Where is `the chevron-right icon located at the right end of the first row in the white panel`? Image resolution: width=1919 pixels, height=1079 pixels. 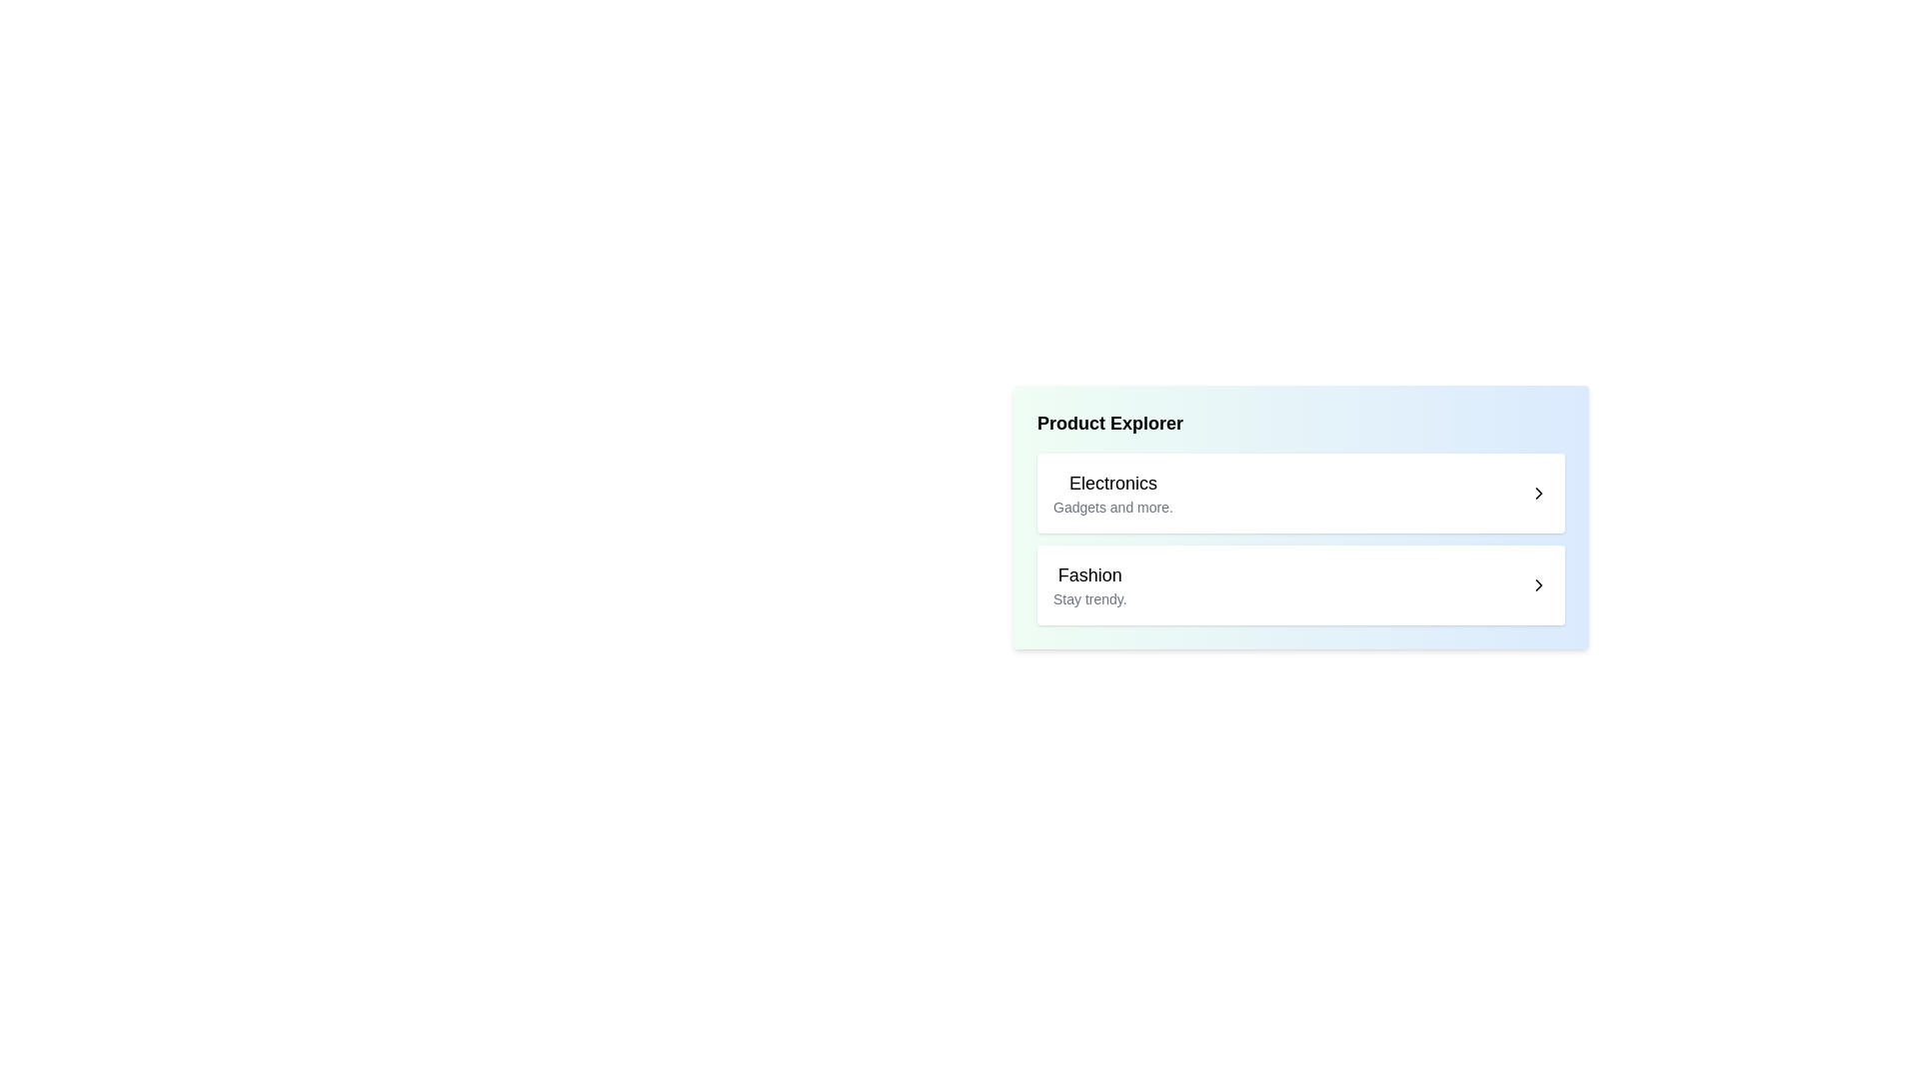 the chevron-right icon located at the right end of the first row in the white panel is located at coordinates (1538, 493).